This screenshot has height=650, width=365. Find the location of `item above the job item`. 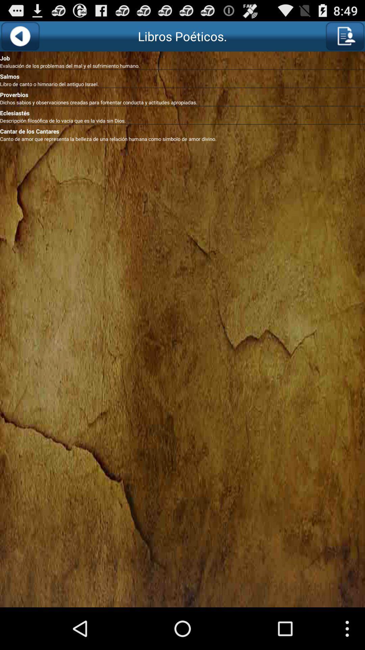

item above the job item is located at coordinates (20, 36).